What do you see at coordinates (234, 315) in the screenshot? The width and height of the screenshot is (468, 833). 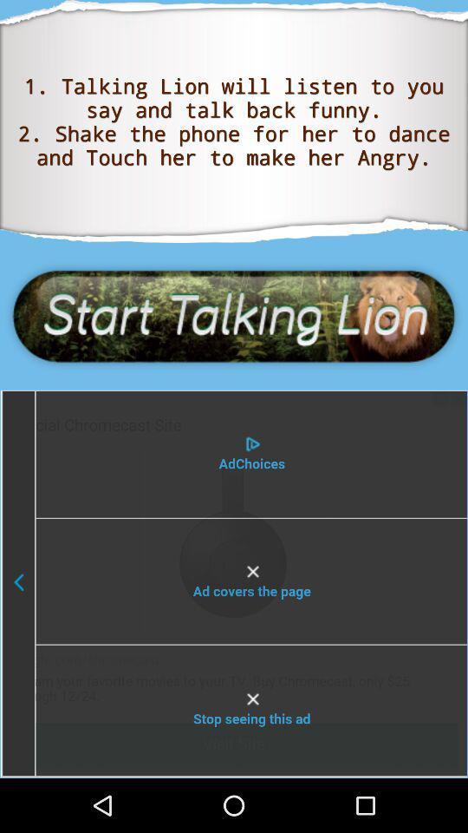 I see `button to start talking lion` at bounding box center [234, 315].